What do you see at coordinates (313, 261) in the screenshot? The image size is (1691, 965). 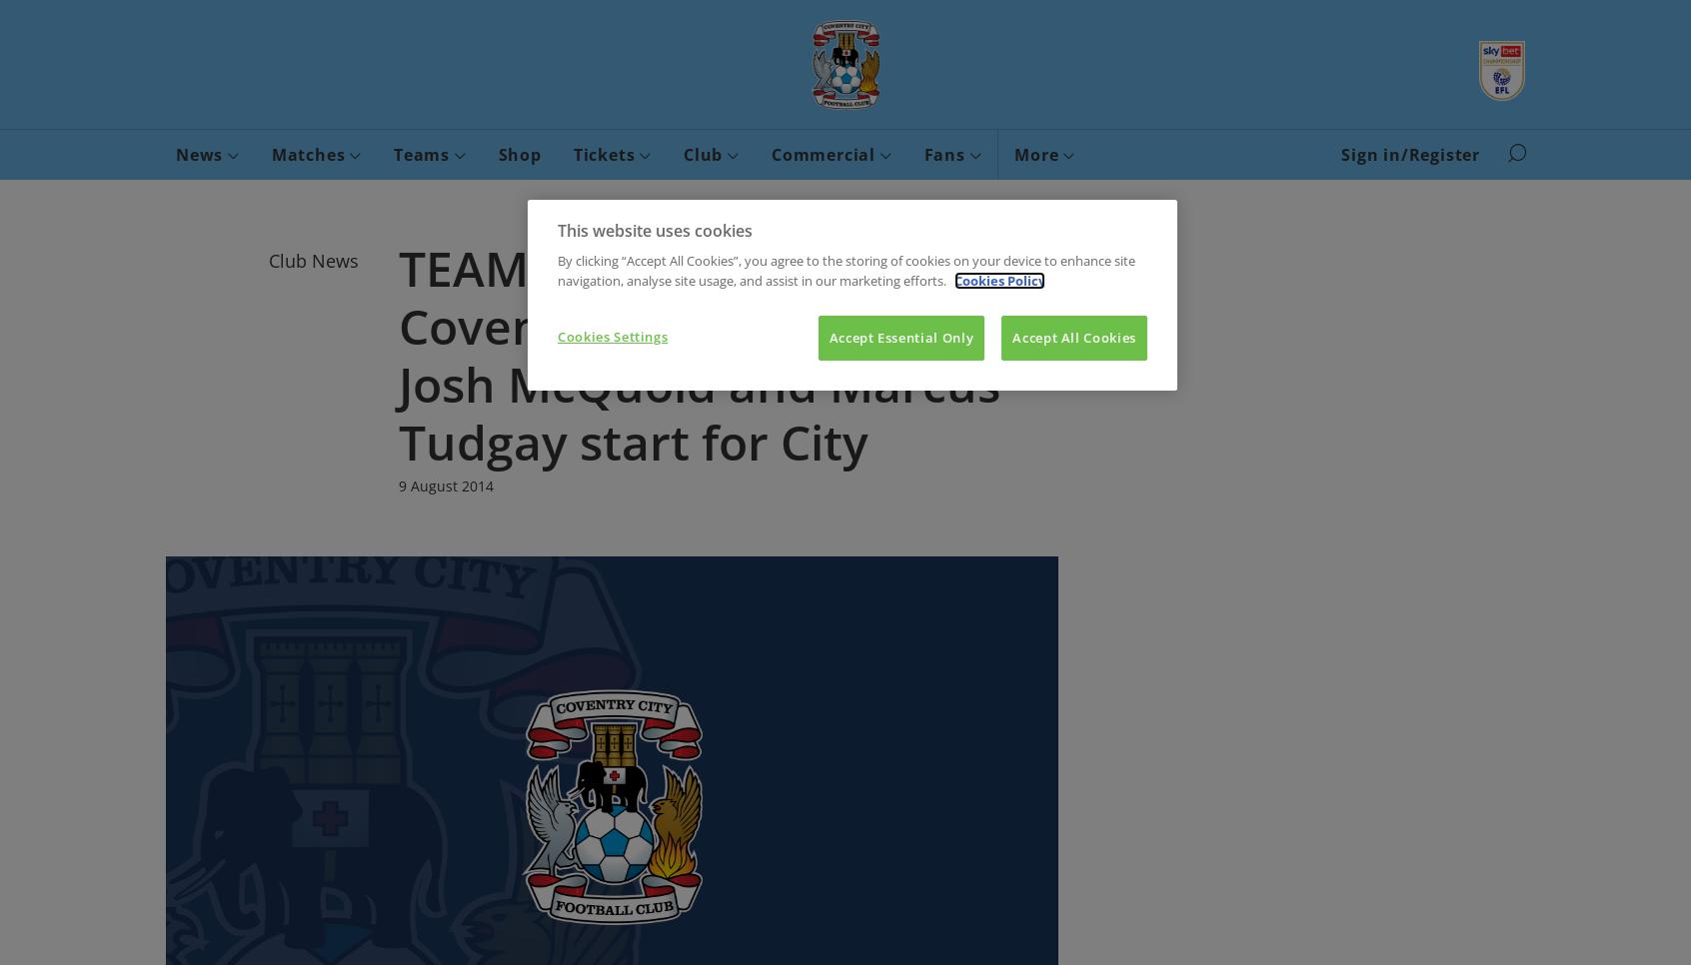 I see `'Club News'` at bounding box center [313, 261].